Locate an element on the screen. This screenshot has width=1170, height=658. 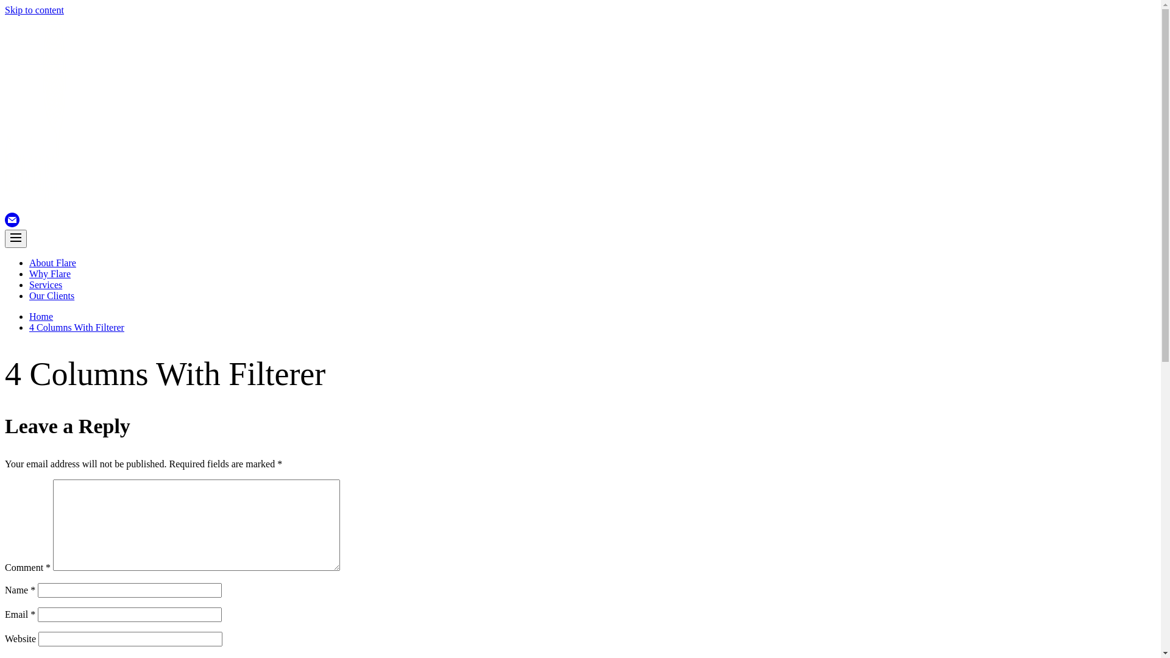
'4 Columns With Filterer' is located at coordinates (76, 327).